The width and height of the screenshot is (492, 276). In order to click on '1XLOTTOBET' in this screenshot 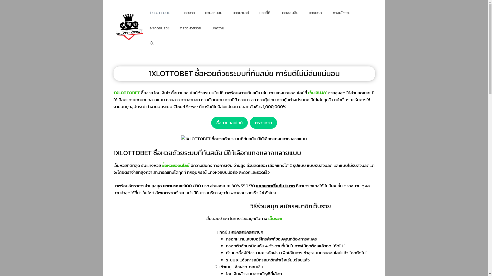, I will do `click(126, 93)`.